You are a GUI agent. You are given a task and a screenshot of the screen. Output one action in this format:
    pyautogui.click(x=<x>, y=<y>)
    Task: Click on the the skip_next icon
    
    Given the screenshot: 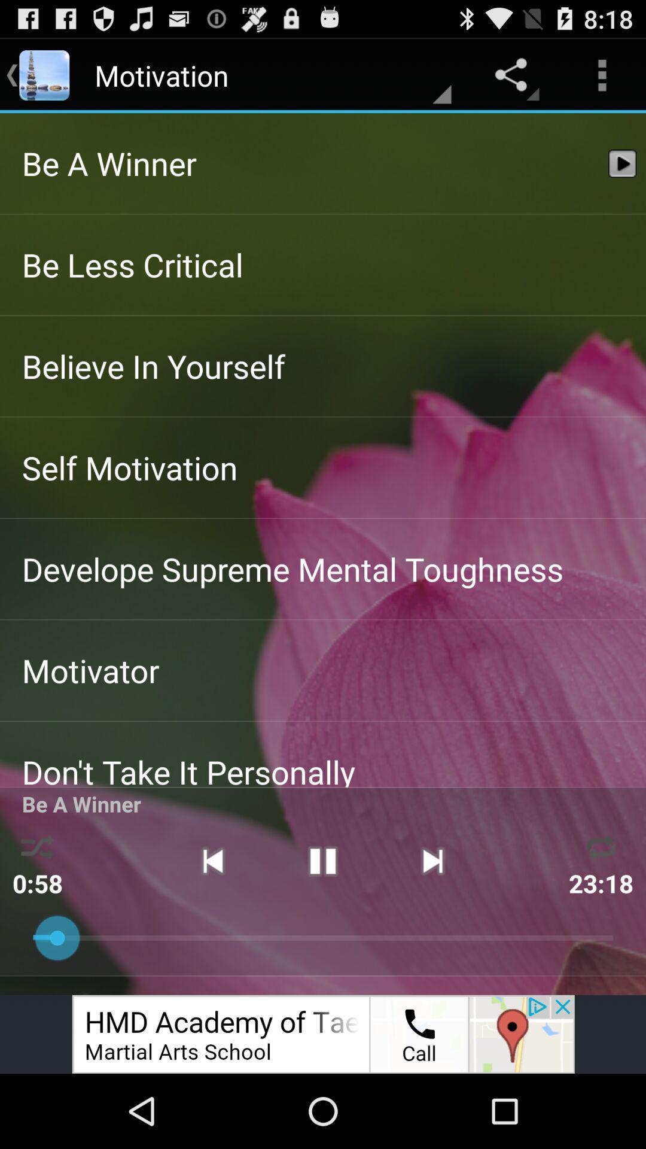 What is the action you would take?
    pyautogui.click(x=432, y=920)
    